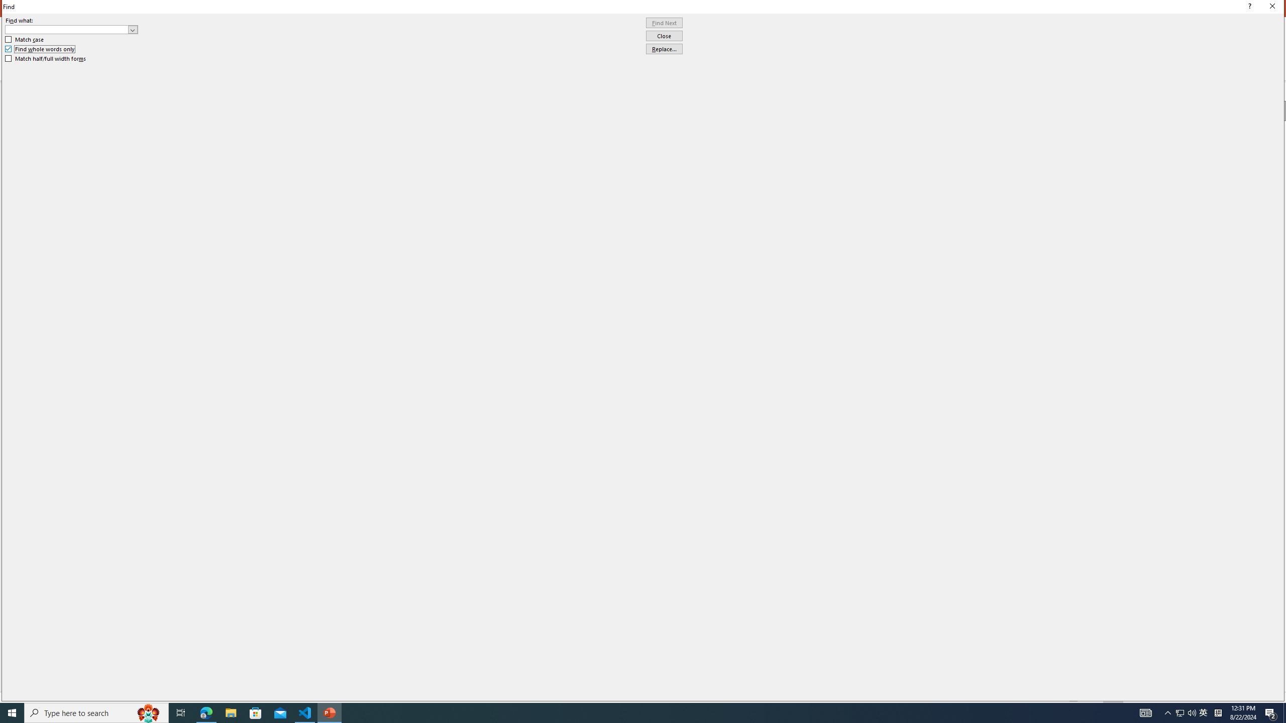  I want to click on 'Match case', so click(24, 39).